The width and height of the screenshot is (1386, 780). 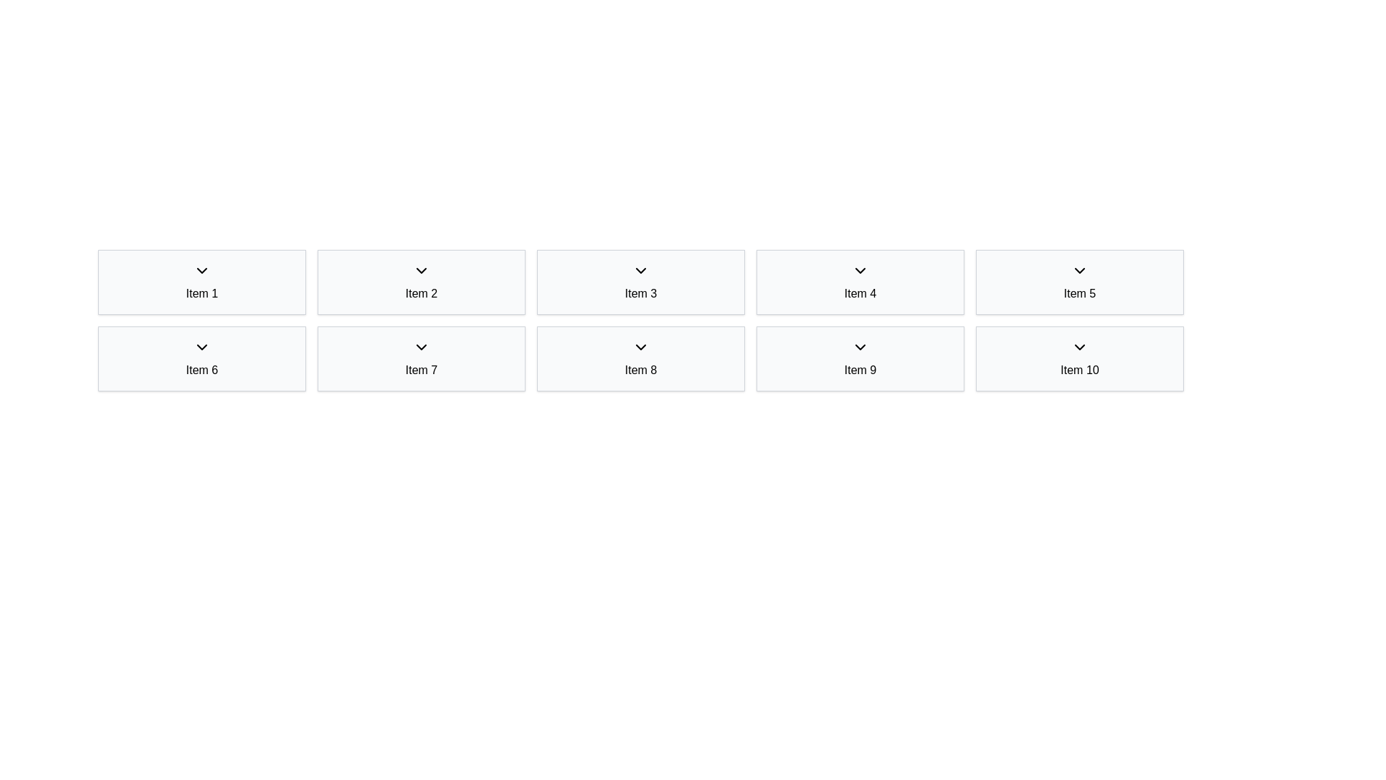 I want to click on the text label 'Item 9' displayed in a light gray rectangular section, so click(x=860, y=370).